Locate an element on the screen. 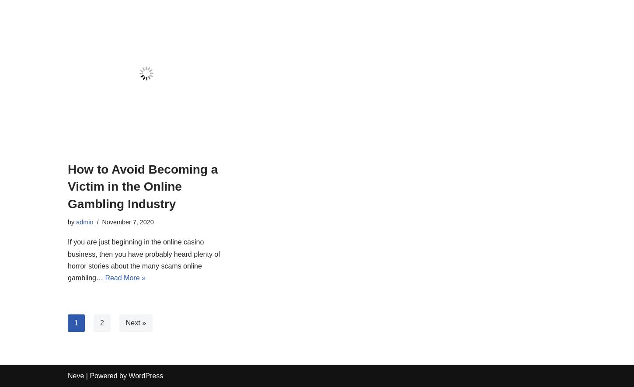 This screenshot has width=634, height=387. 'Neve' is located at coordinates (75, 375).